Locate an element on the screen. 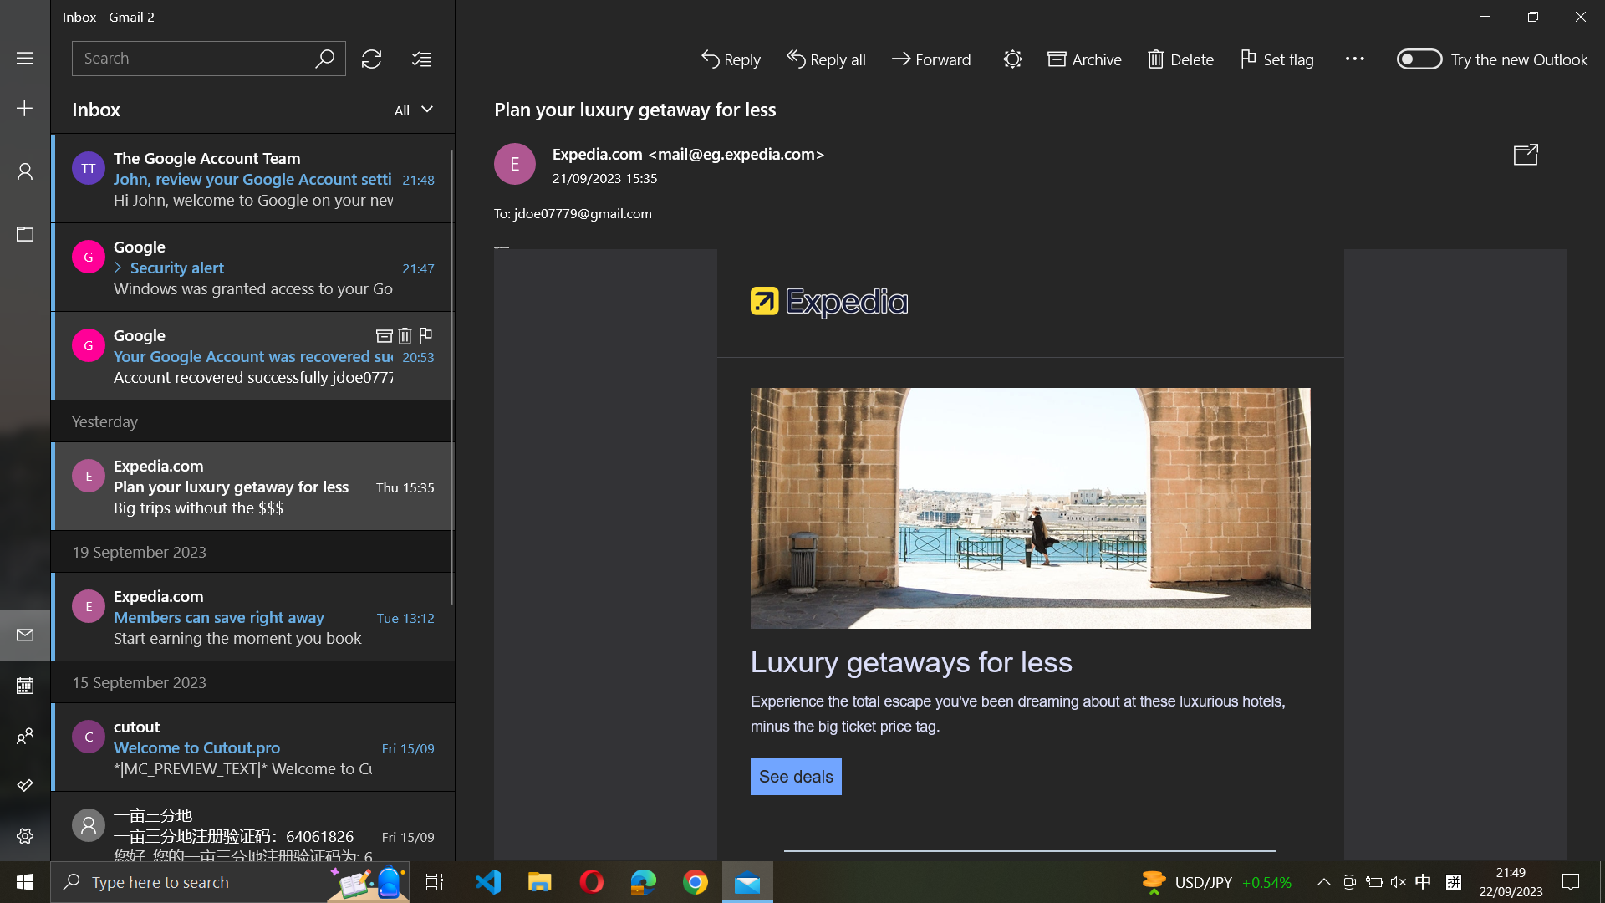  the second item under Settings is located at coordinates (24, 838).